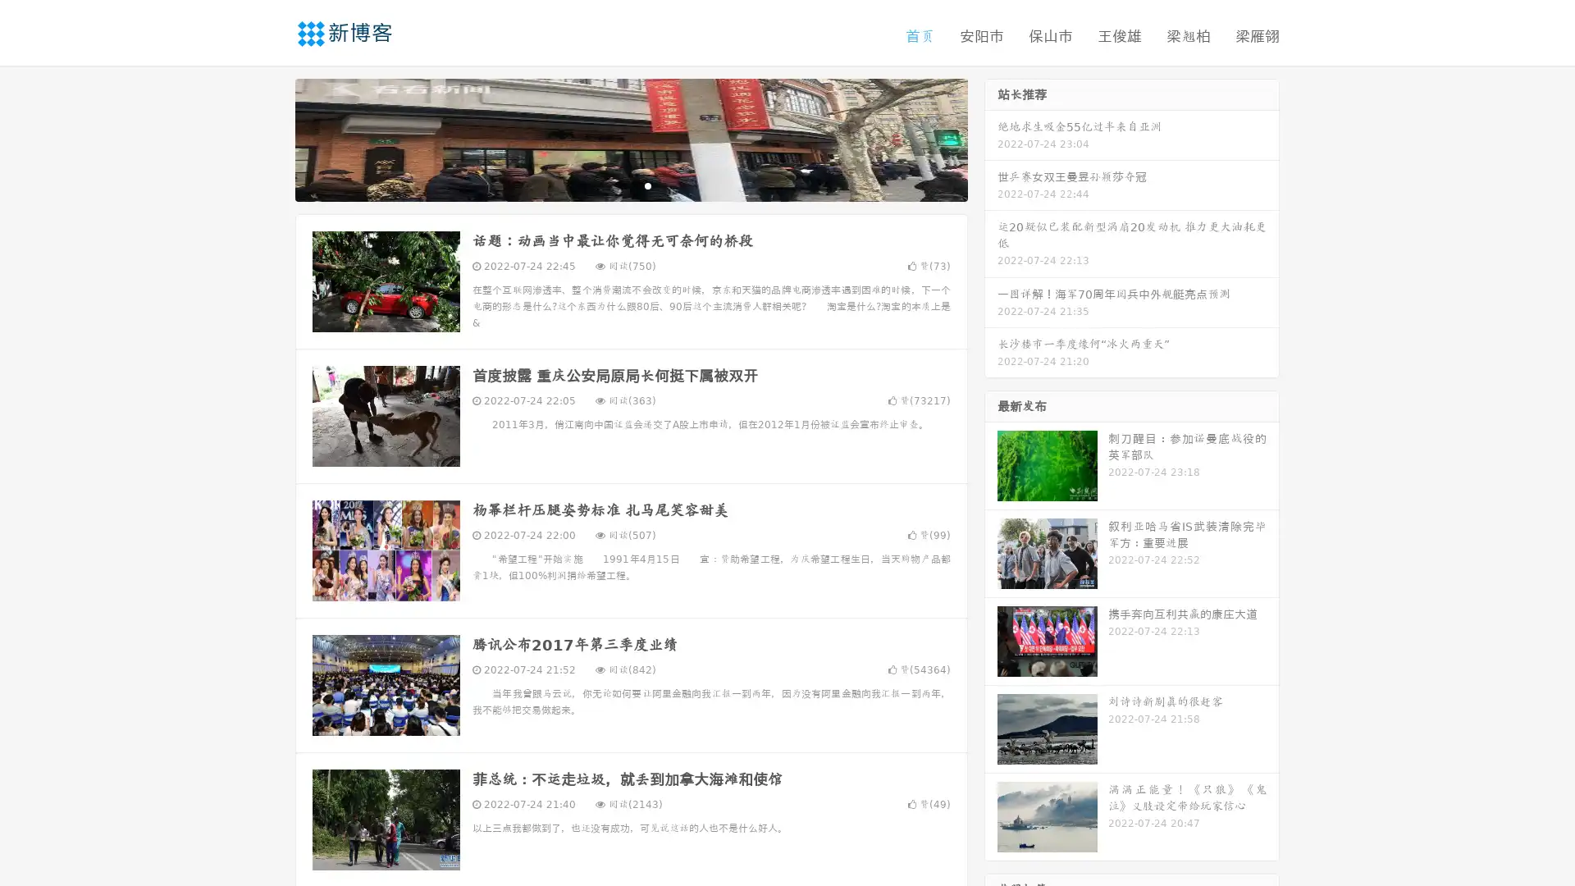 The width and height of the screenshot is (1575, 886). I want to click on Go to slide 3, so click(647, 185).